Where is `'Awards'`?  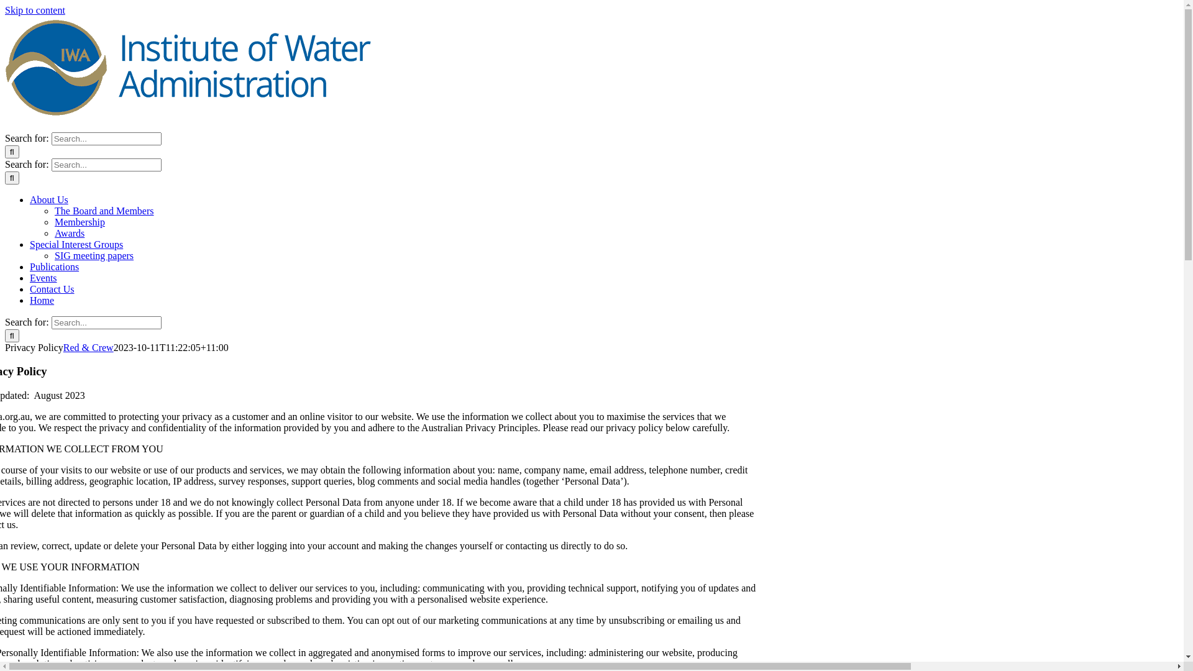
'Awards' is located at coordinates (68, 233).